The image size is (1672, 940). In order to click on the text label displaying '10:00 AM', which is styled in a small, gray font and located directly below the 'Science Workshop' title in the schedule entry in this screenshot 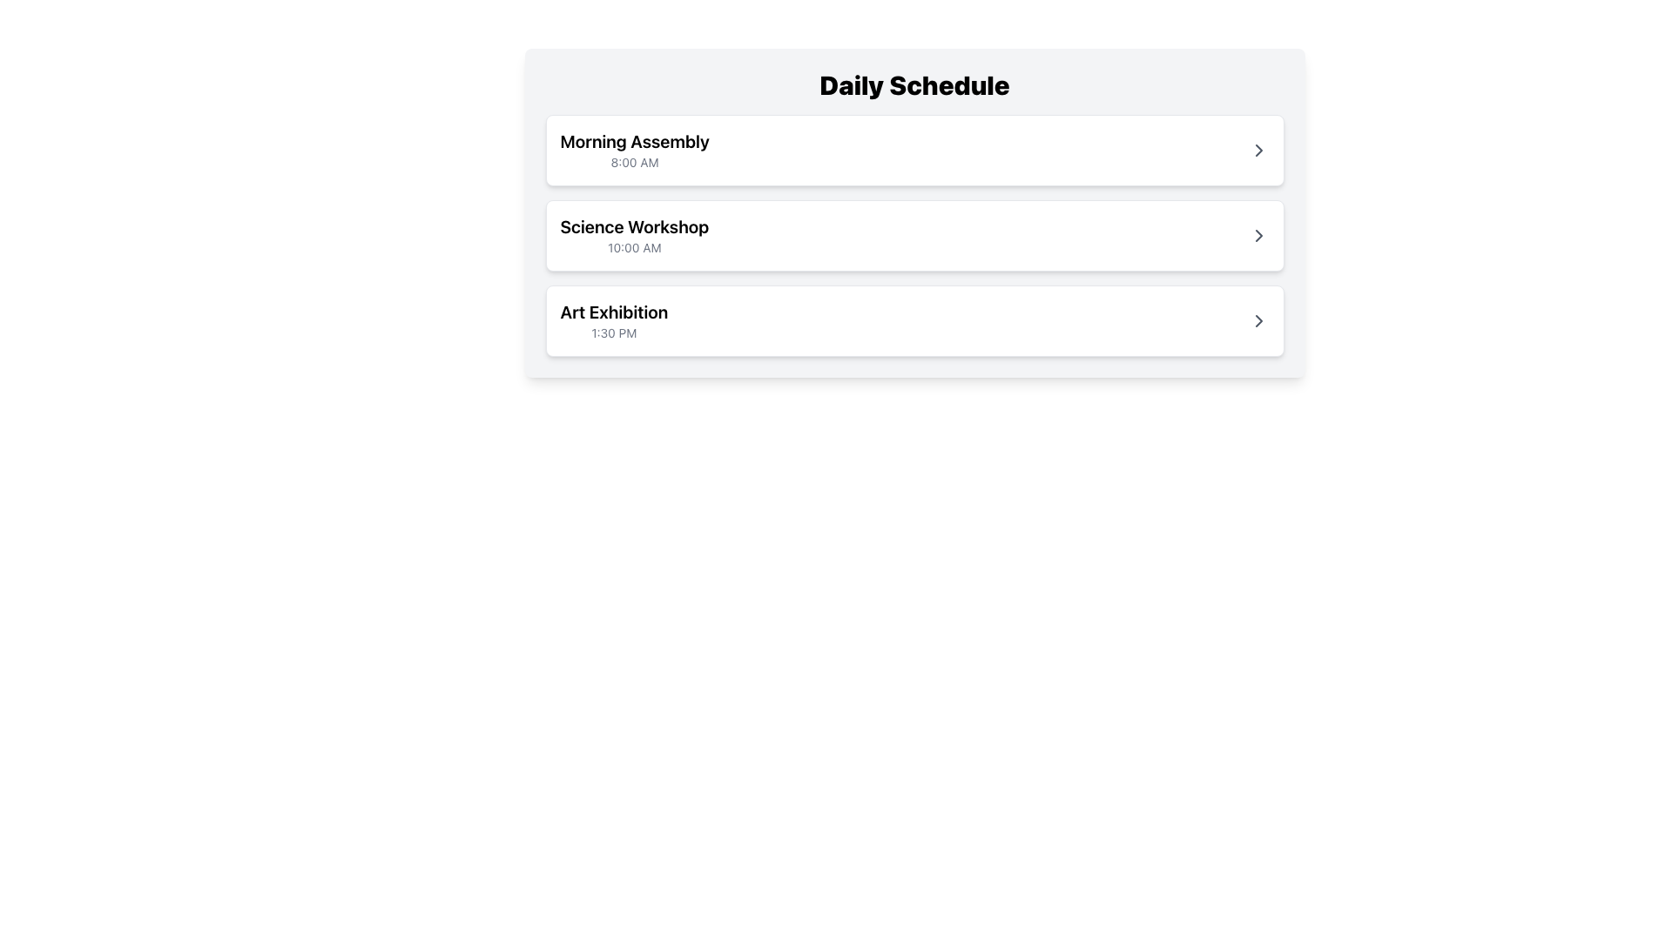, I will do `click(633, 248)`.